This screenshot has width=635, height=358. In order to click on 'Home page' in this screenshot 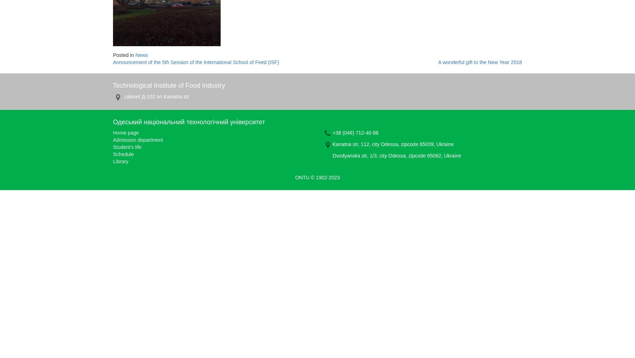, I will do `click(113, 132)`.